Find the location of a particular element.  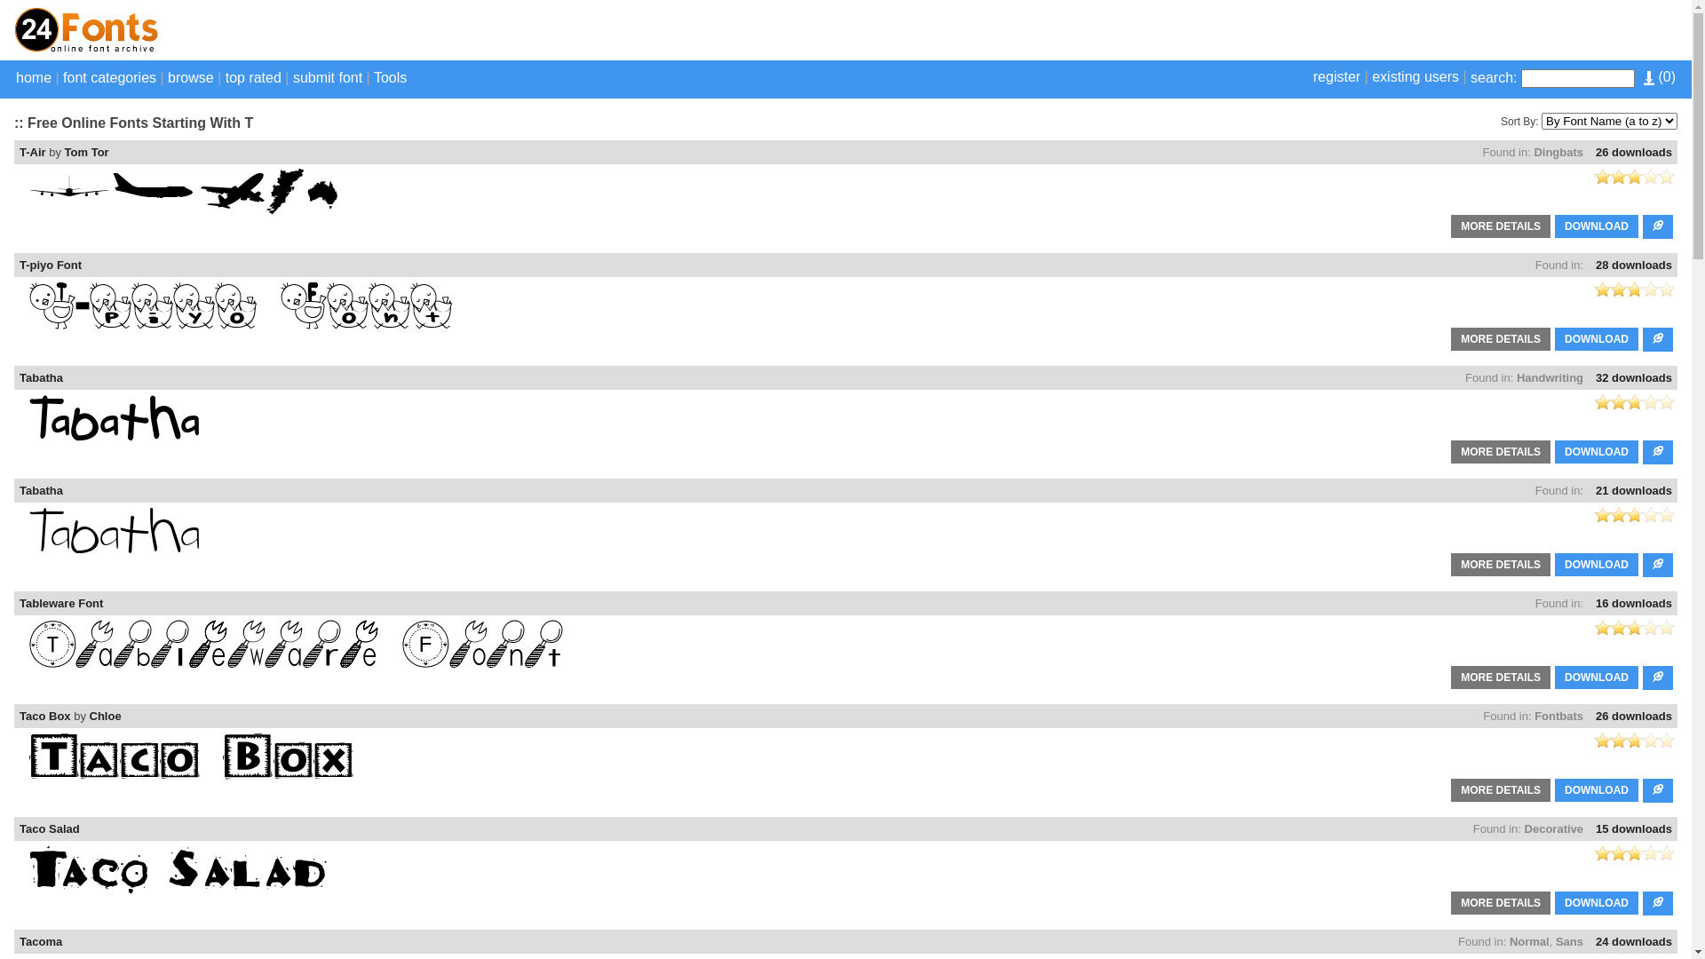

'32 downloads' is located at coordinates (1633, 376).